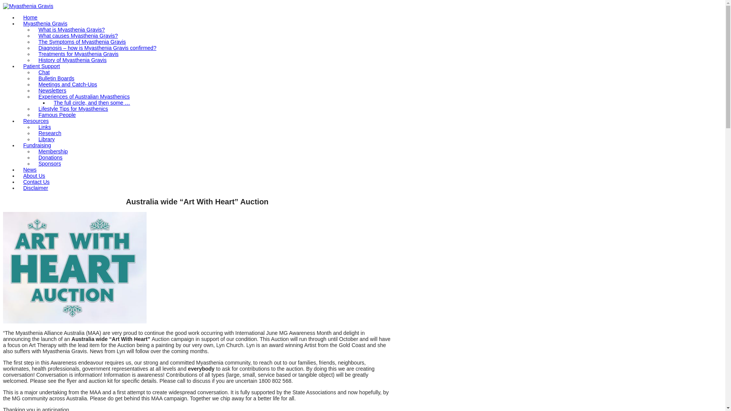 The width and height of the screenshot is (731, 411). What do you see at coordinates (84, 96) in the screenshot?
I see `'Experiences of Australian Myasthenics'` at bounding box center [84, 96].